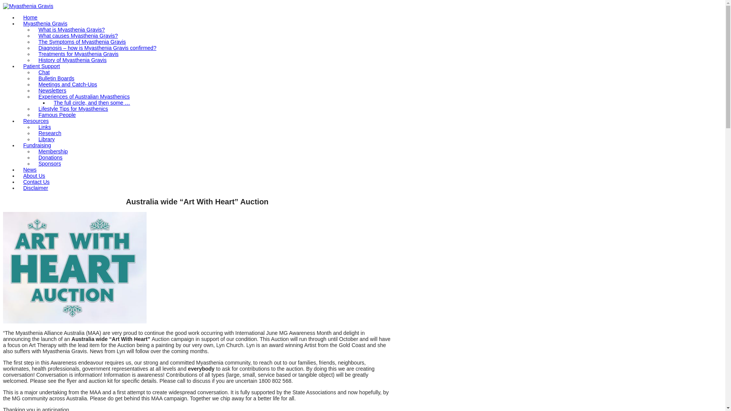 The width and height of the screenshot is (731, 411). What do you see at coordinates (84, 96) in the screenshot?
I see `'Experiences of Australian Myasthenics'` at bounding box center [84, 96].